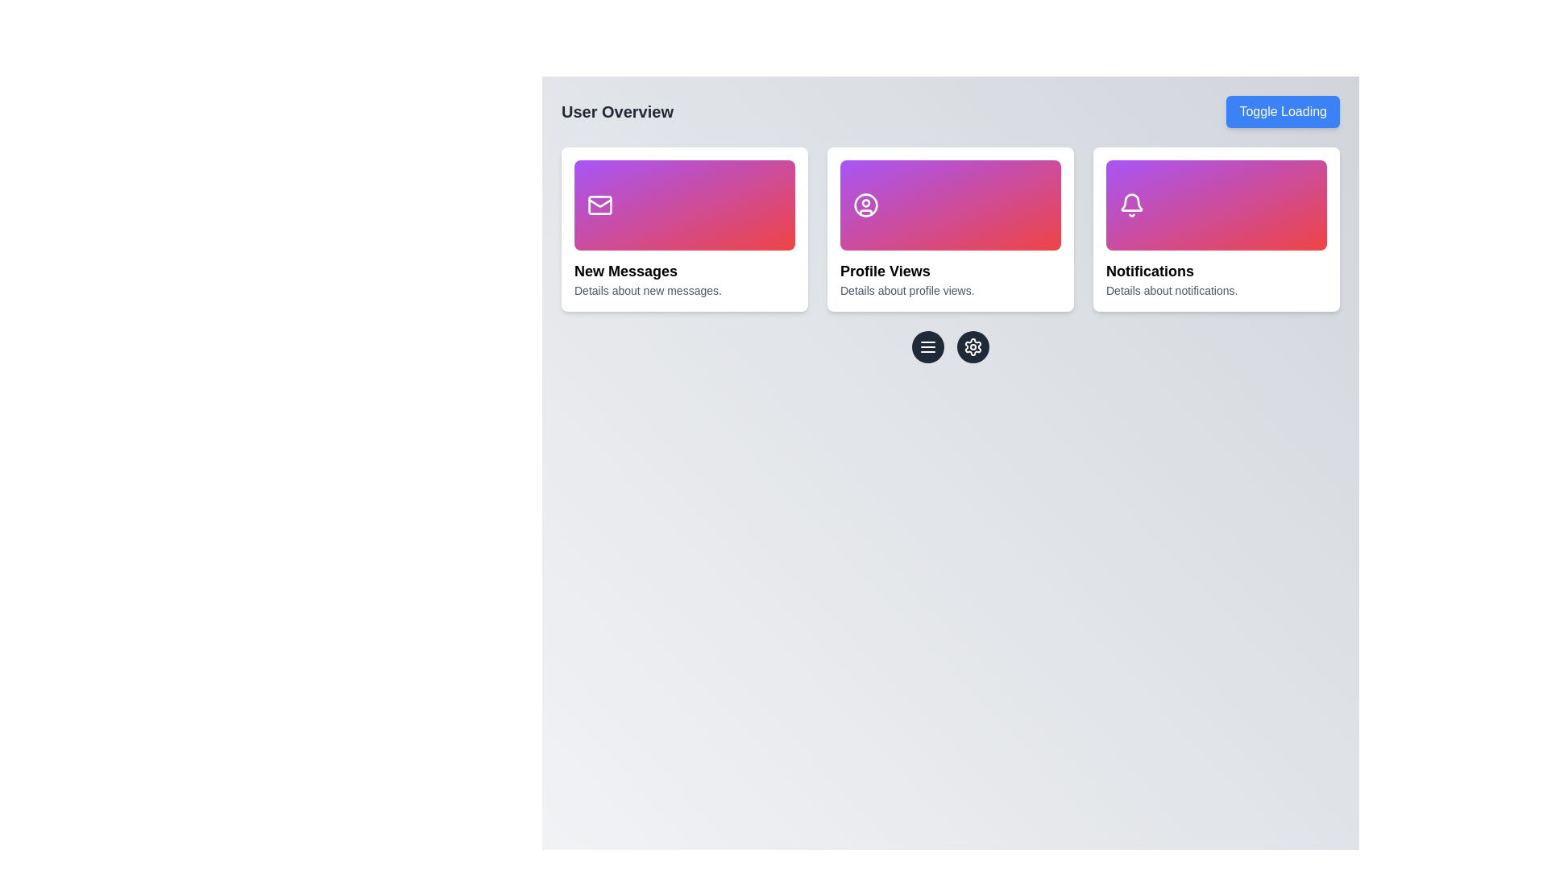  I want to click on the Text label that serves as the title for the third card in a row of three cards, located in the middle of the bottom section directly above smaller descriptive text, so click(1149, 270).